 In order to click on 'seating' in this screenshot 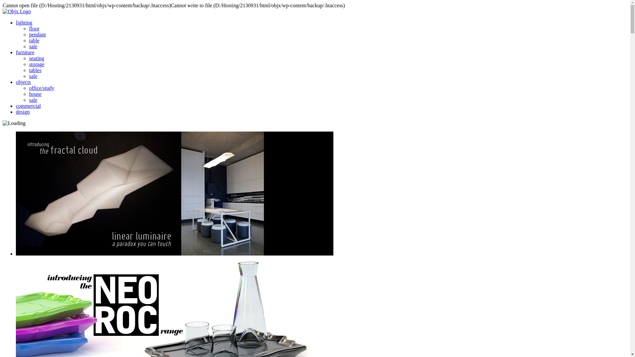, I will do `click(28, 58)`.